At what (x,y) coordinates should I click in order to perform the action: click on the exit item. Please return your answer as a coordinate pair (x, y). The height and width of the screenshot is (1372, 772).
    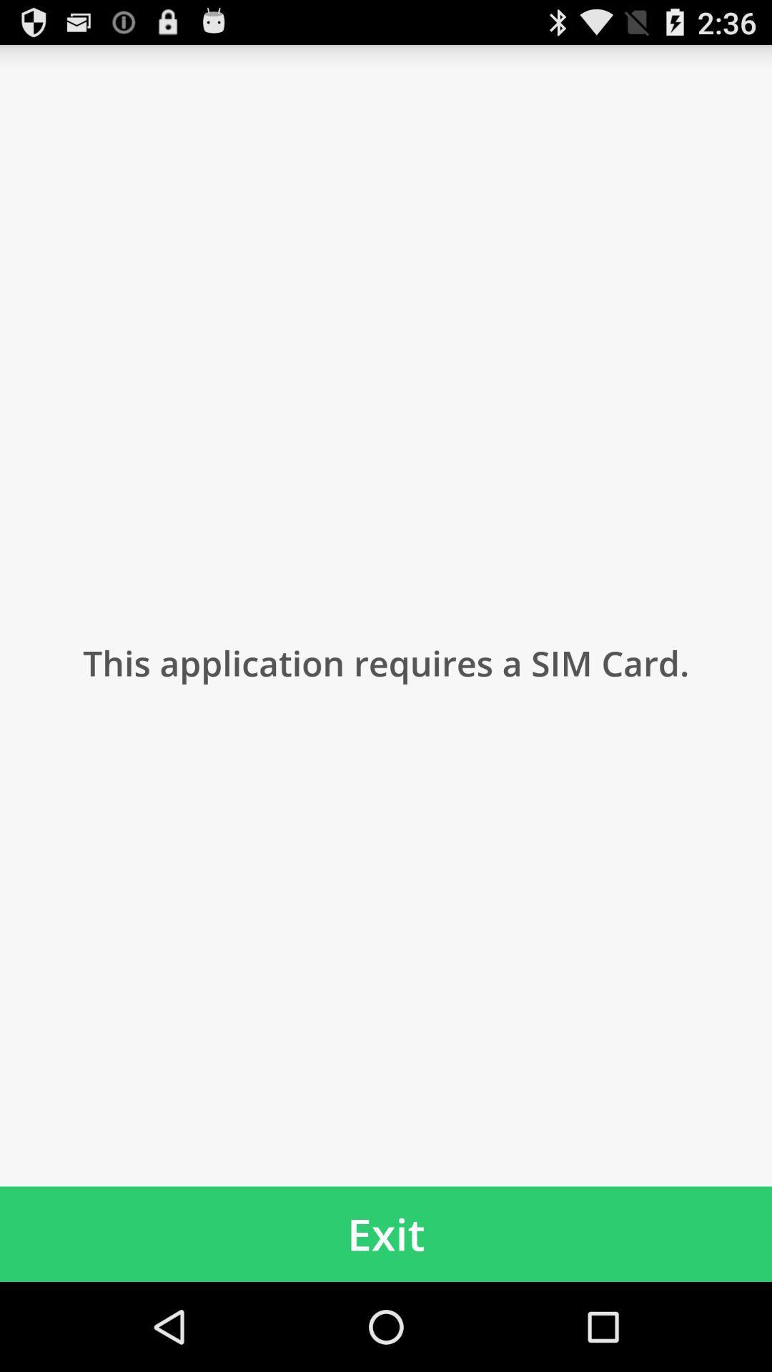
    Looking at the image, I should click on (386, 1233).